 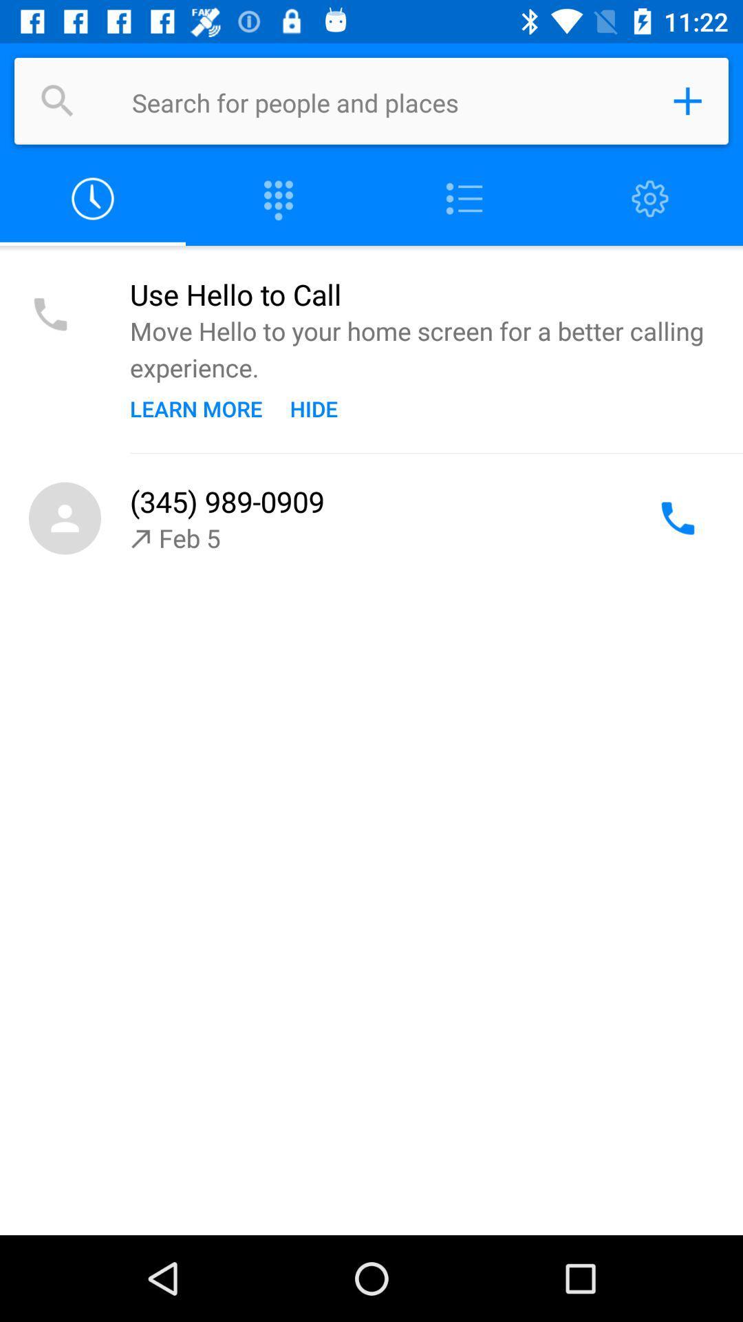 I want to click on search people, so click(x=388, y=101).